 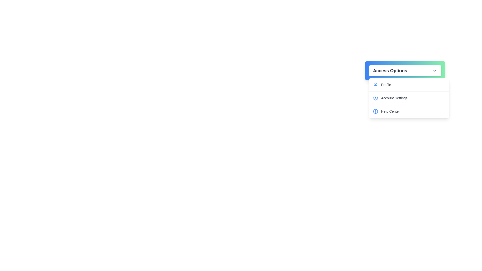 I want to click on the 'Help Center' text label in the dropdown menu titled 'Access Options', so click(x=390, y=111).